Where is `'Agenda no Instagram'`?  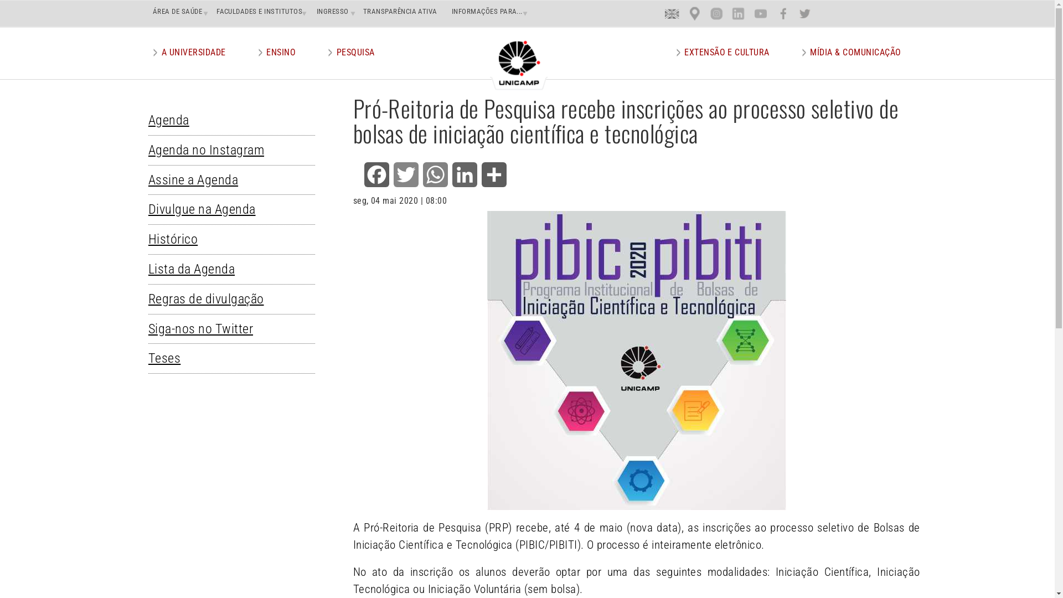
'Agenda no Instagram' is located at coordinates (211, 149).